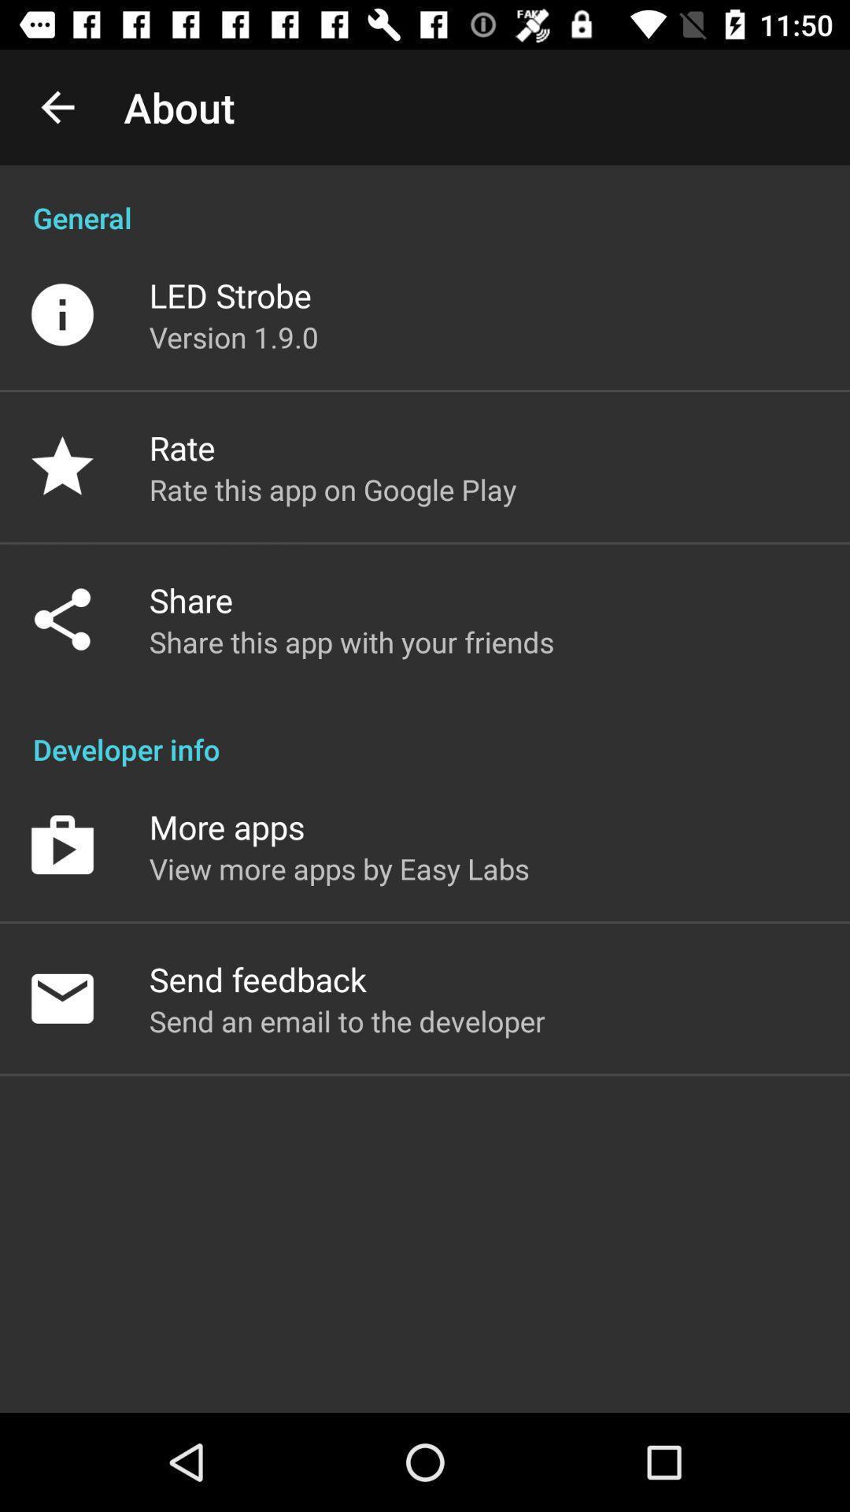 This screenshot has height=1512, width=850. What do you see at coordinates (234, 336) in the screenshot?
I see `item above the rate icon` at bounding box center [234, 336].